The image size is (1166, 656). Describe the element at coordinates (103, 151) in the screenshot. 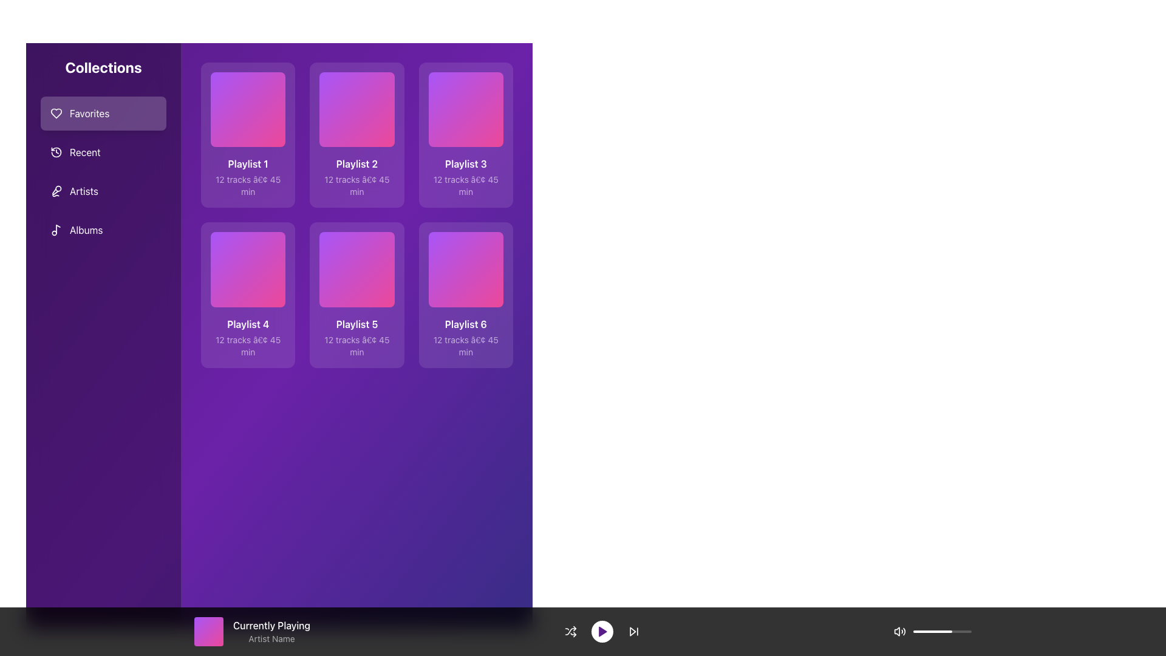

I see `the 'Recent' button in the sidebar navigation menu to observe the hover effect` at that location.